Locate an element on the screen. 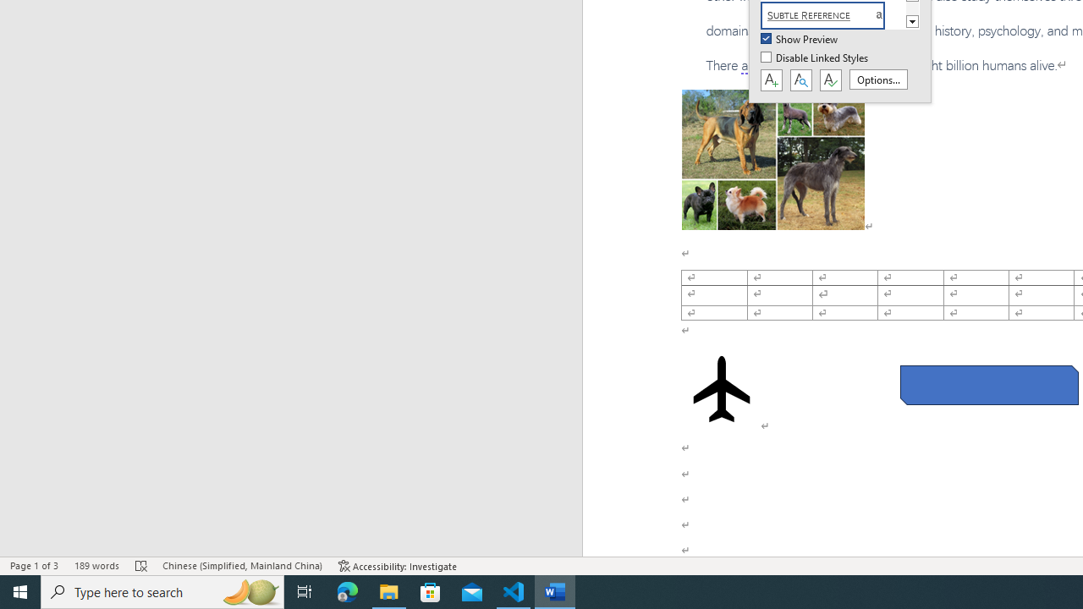  'Class: NetUIButton' is located at coordinates (830, 80).